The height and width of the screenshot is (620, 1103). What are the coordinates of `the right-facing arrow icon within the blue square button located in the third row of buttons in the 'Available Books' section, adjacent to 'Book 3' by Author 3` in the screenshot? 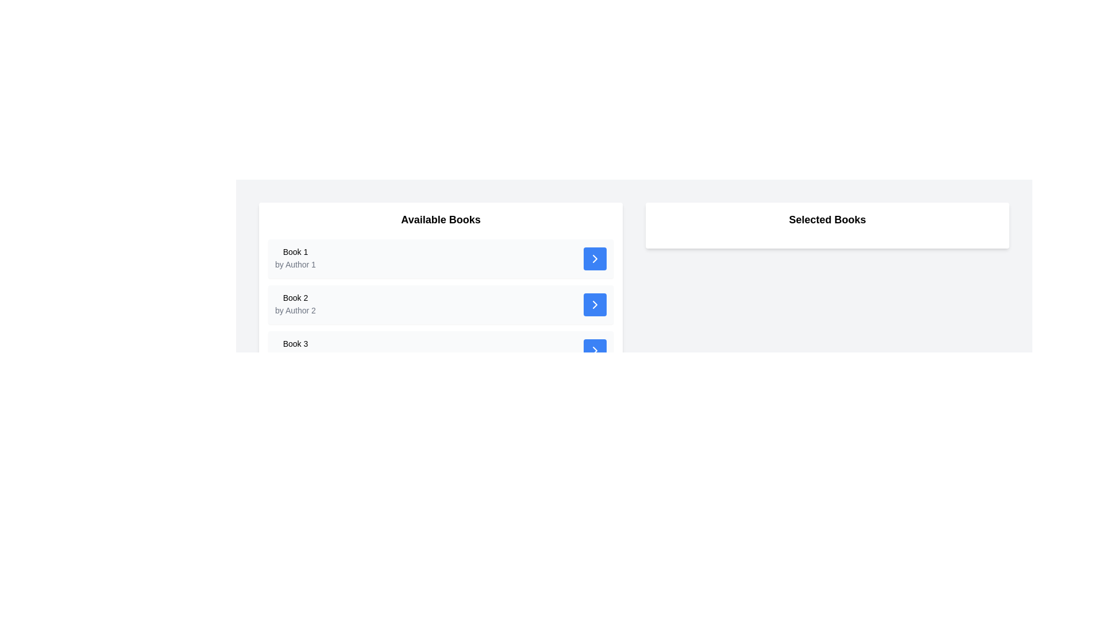 It's located at (595, 304).